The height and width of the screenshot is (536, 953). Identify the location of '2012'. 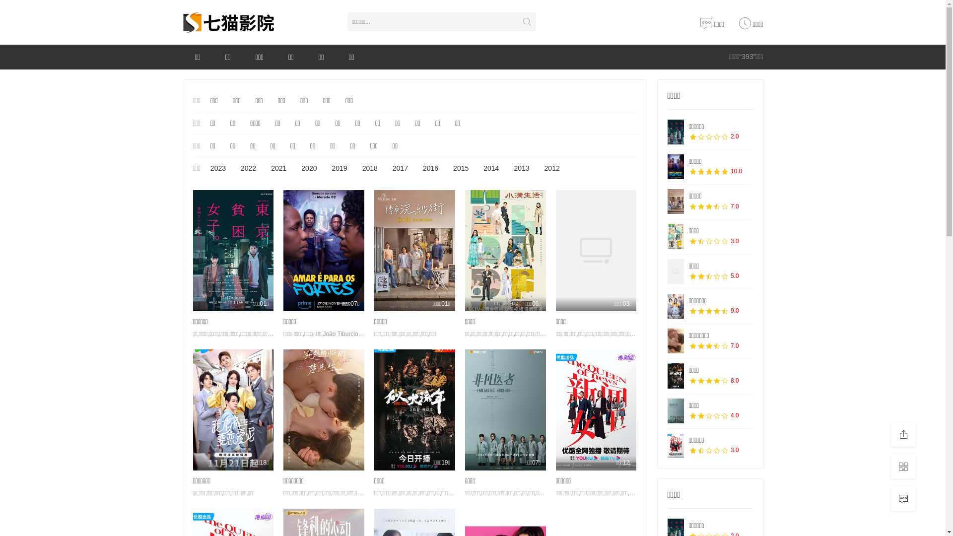
(539, 168).